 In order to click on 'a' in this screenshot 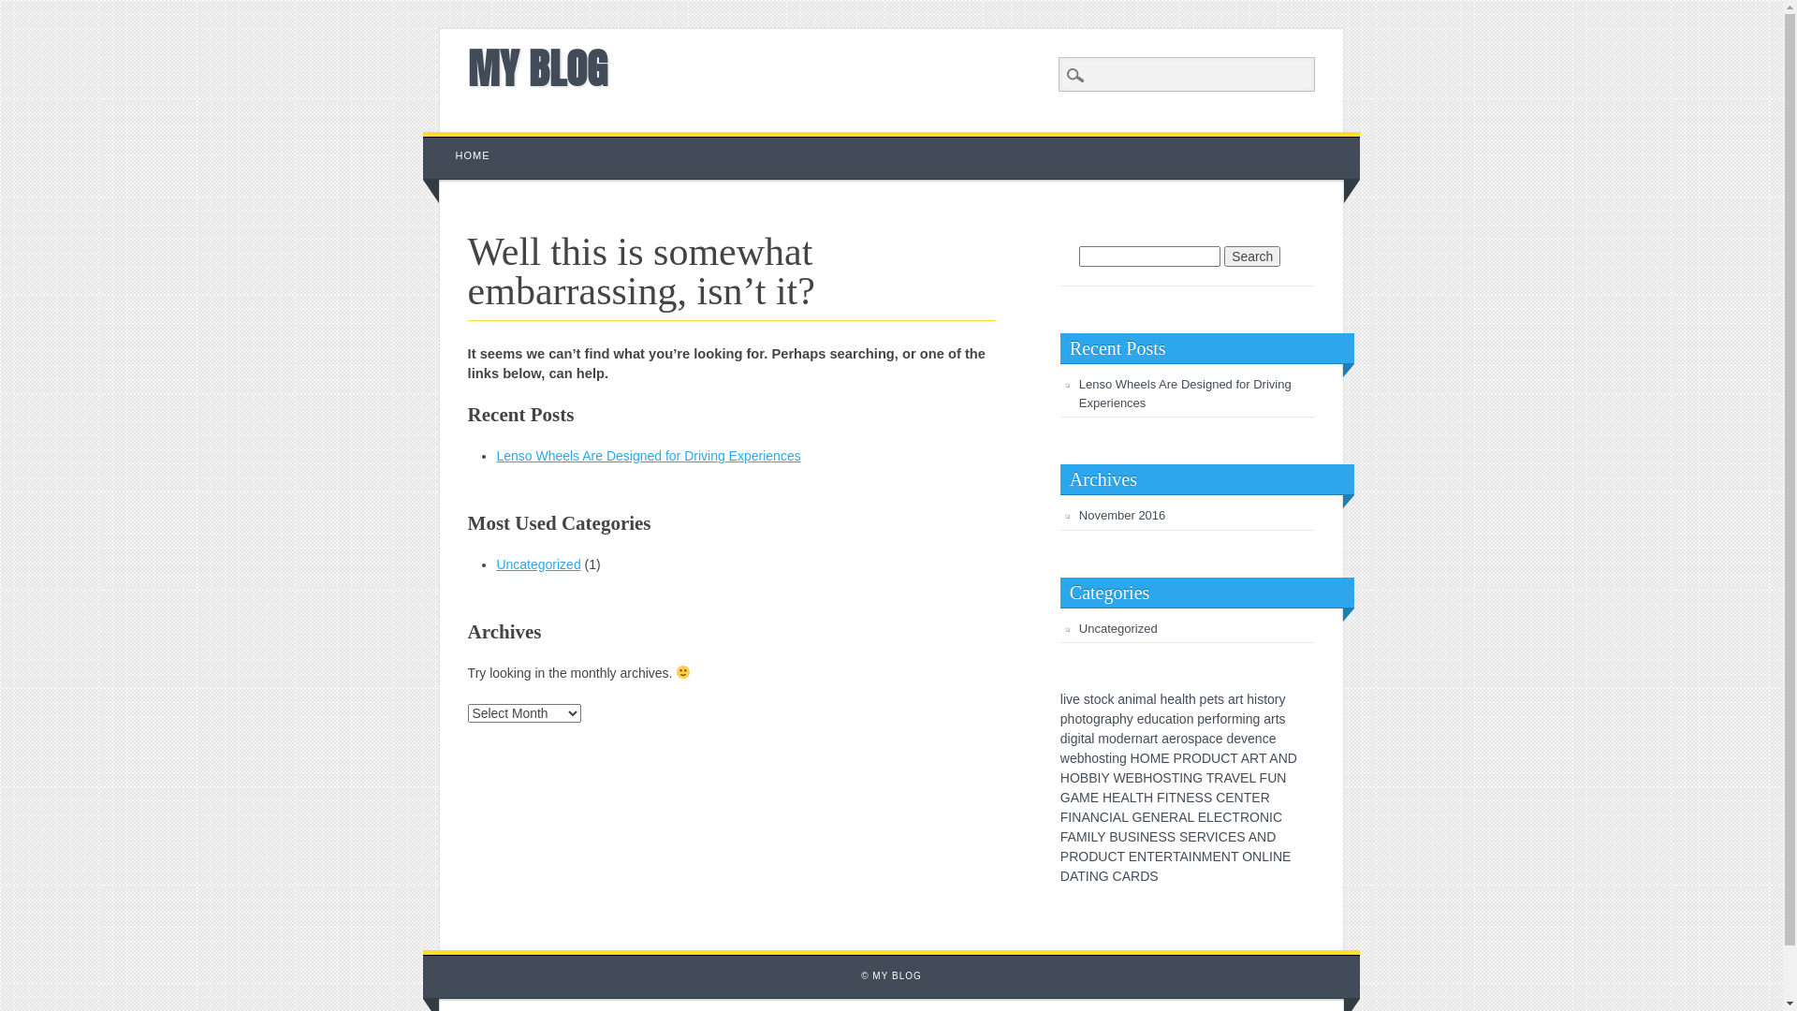, I will do `click(1088, 738)`.